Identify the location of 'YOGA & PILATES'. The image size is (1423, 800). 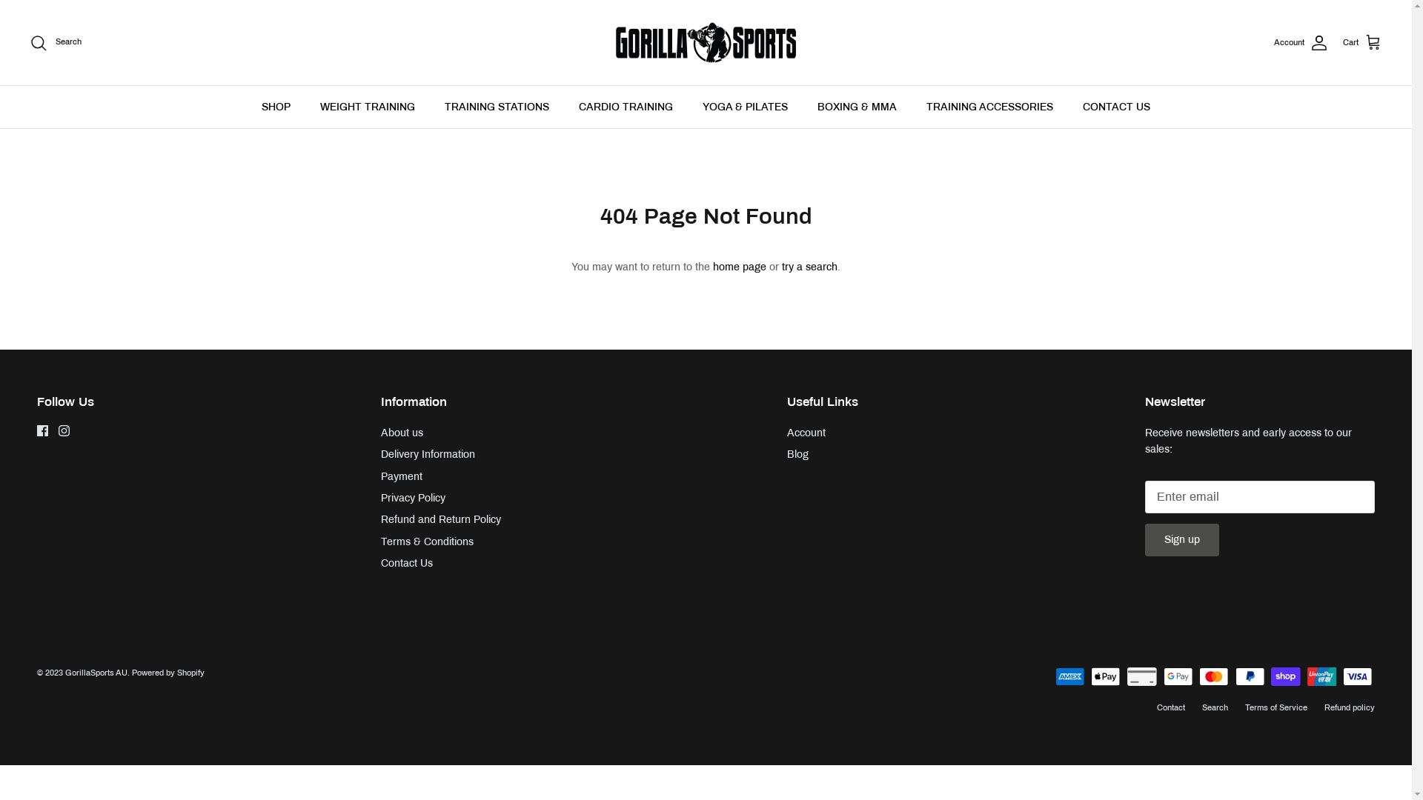
(745, 106).